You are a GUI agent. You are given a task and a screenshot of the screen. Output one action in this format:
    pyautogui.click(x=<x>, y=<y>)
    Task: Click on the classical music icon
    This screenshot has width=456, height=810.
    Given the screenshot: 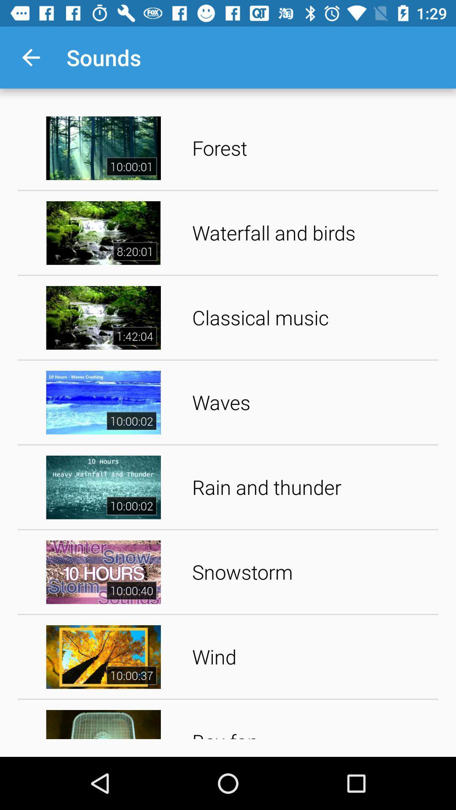 What is the action you would take?
    pyautogui.click(x=312, y=317)
    